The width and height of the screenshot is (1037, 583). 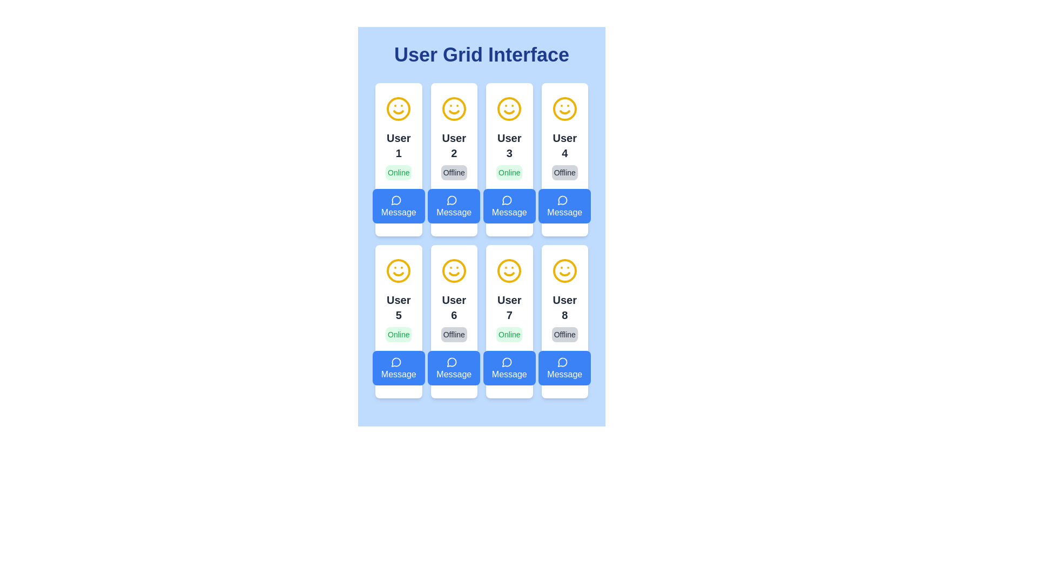 I want to click on the decorative icon representing the user status for 'User 3', located at the top of the card above the text 'User 3', so click(x=509, y=109).